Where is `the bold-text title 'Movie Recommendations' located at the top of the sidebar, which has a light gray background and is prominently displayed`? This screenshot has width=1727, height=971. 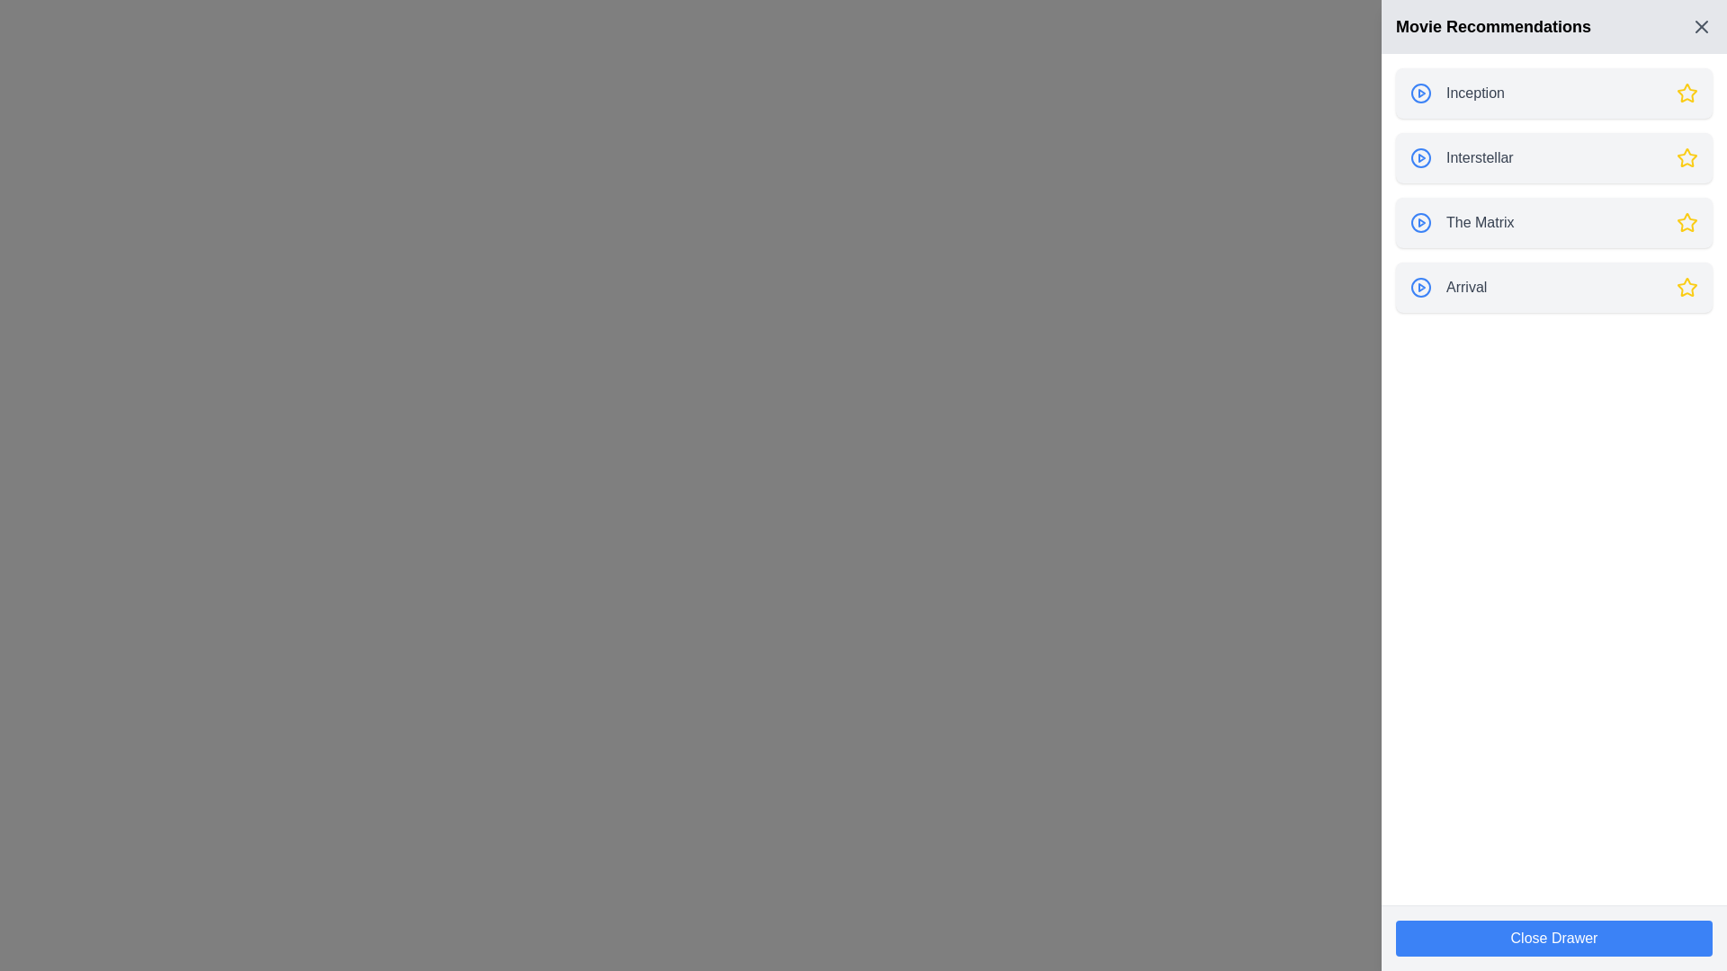
the bold-text title 'Movie Recommendations' located at the top of the sidebar, which has a light gray background and is prominently displayed is located at coordinates (1493, 27).